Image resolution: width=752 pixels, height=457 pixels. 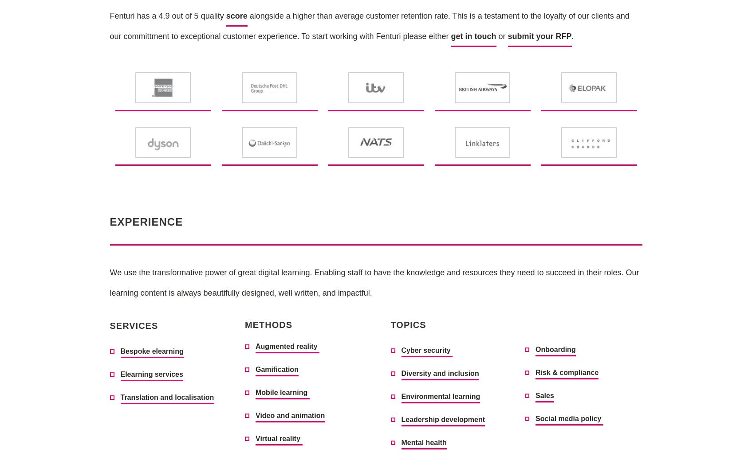 What do you see at coordinates (568, 418) in the screenshot?
I see `'Social media policy'` at bounding box center [568, 418].